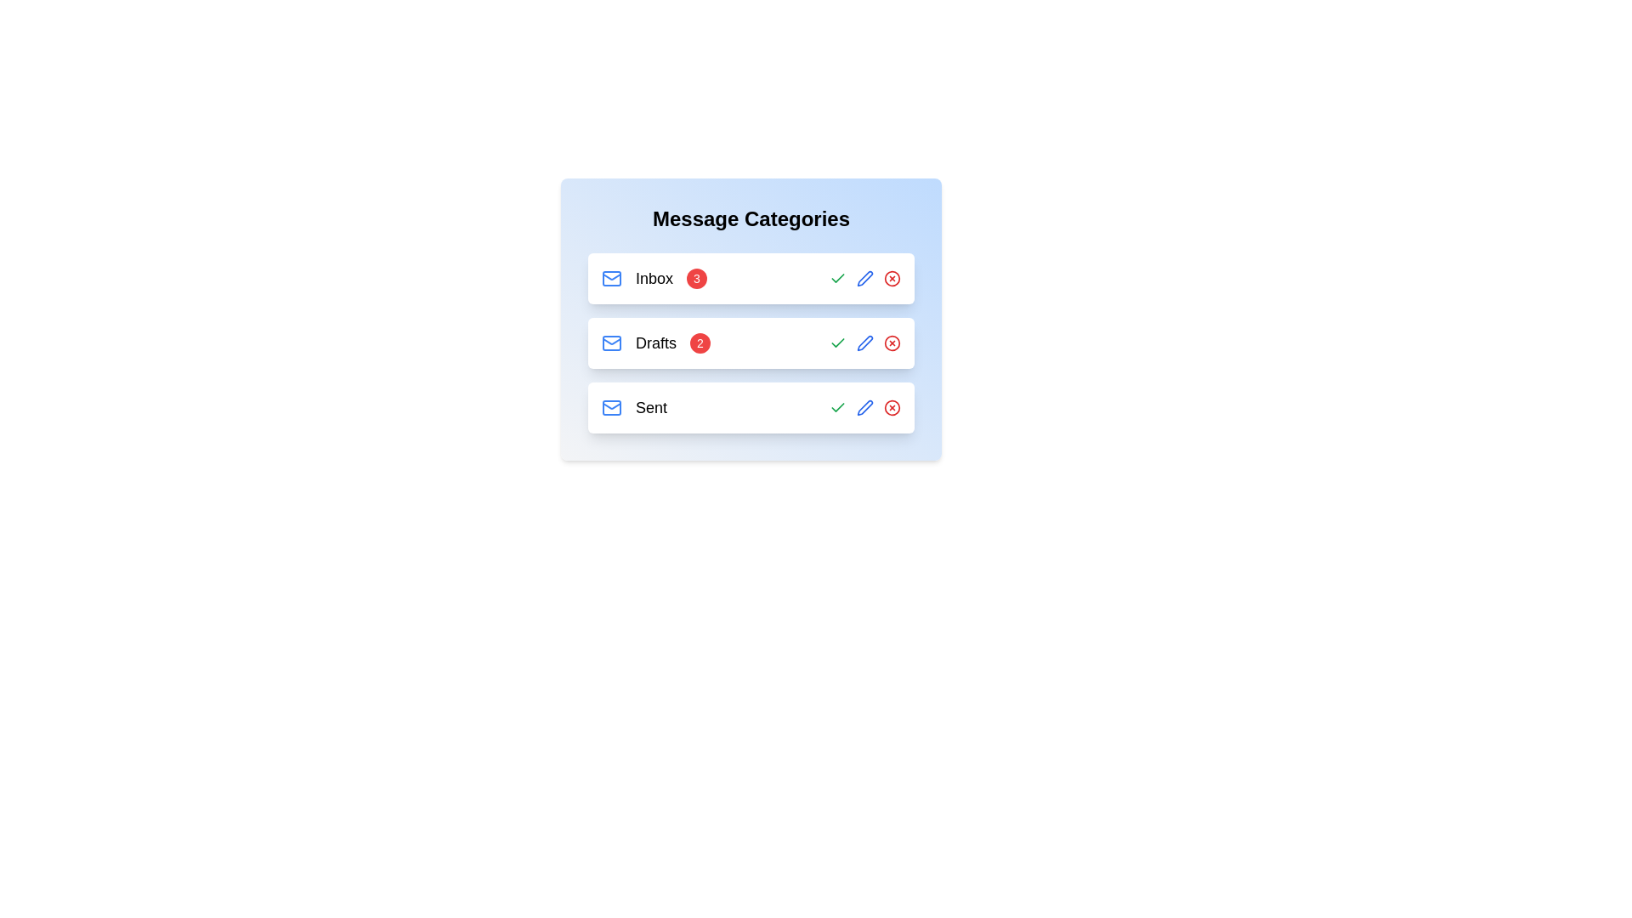  I want to click on the category label Drafts by clicking on it, so click(655, 343).